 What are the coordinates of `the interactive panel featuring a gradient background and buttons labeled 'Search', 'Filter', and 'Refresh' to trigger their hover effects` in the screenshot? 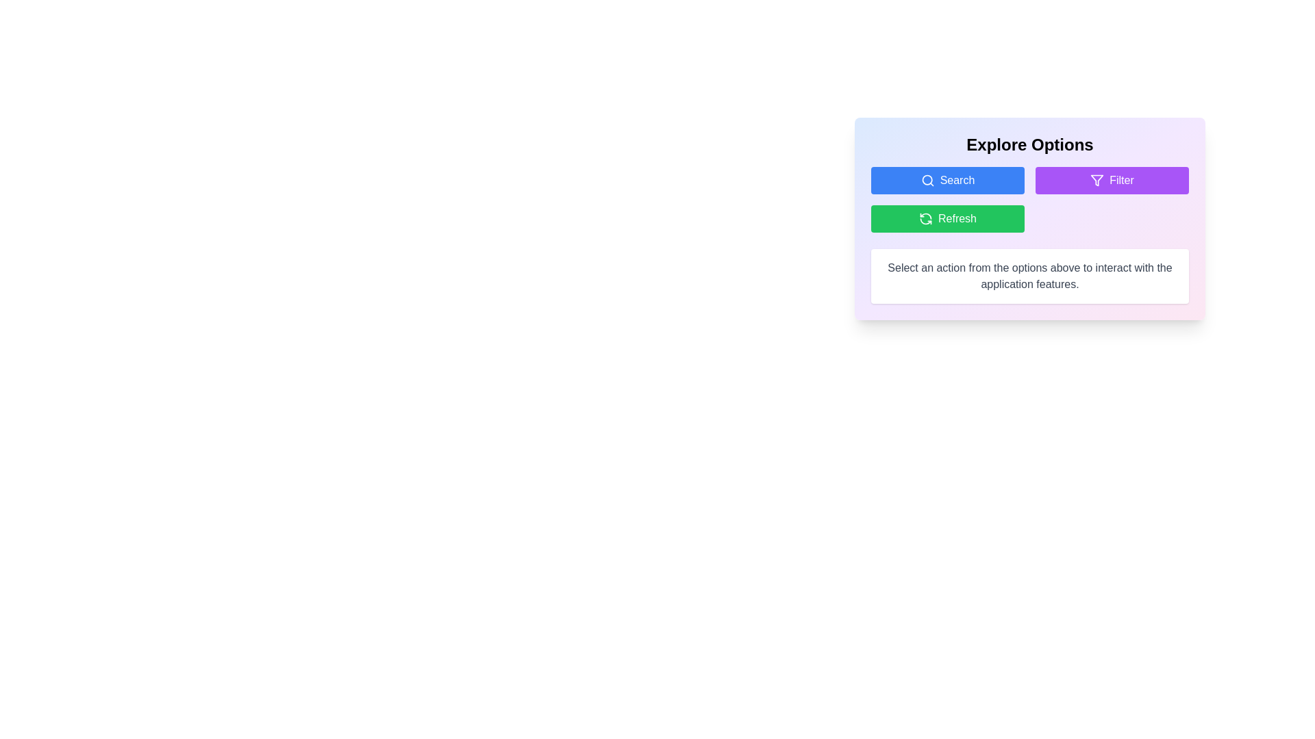 It's located at (1029, 218).